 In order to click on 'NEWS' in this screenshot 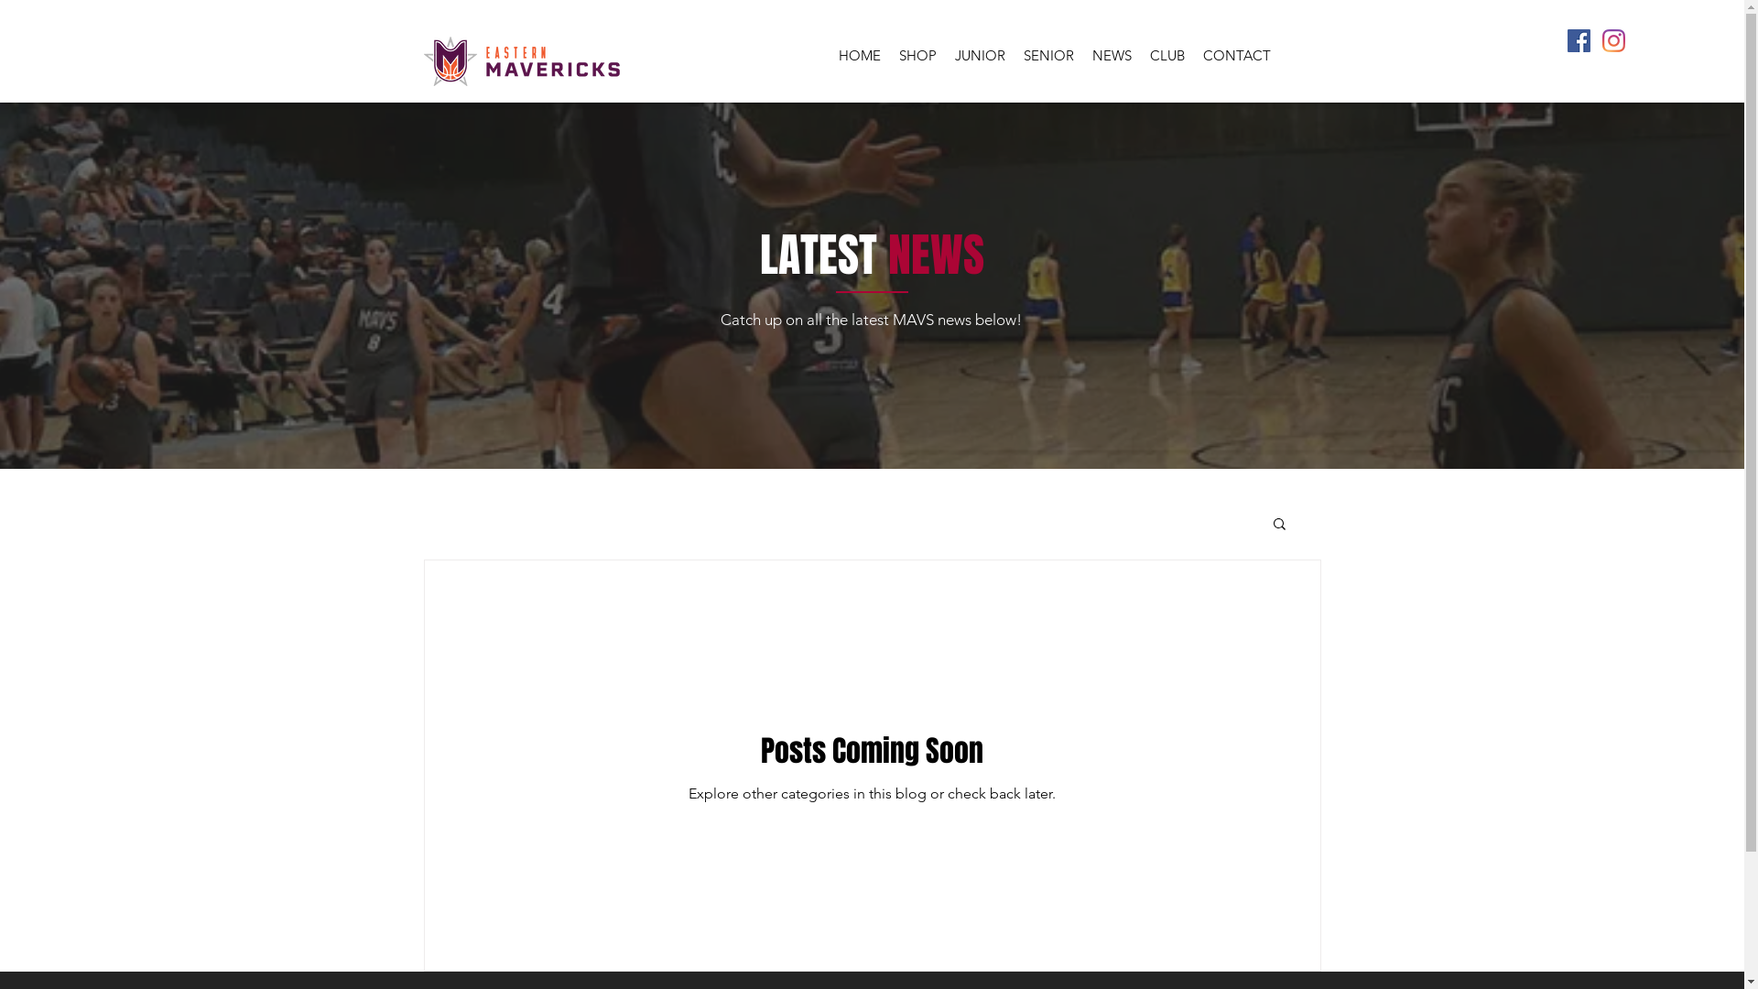, I will do `click(1110, 54)`.